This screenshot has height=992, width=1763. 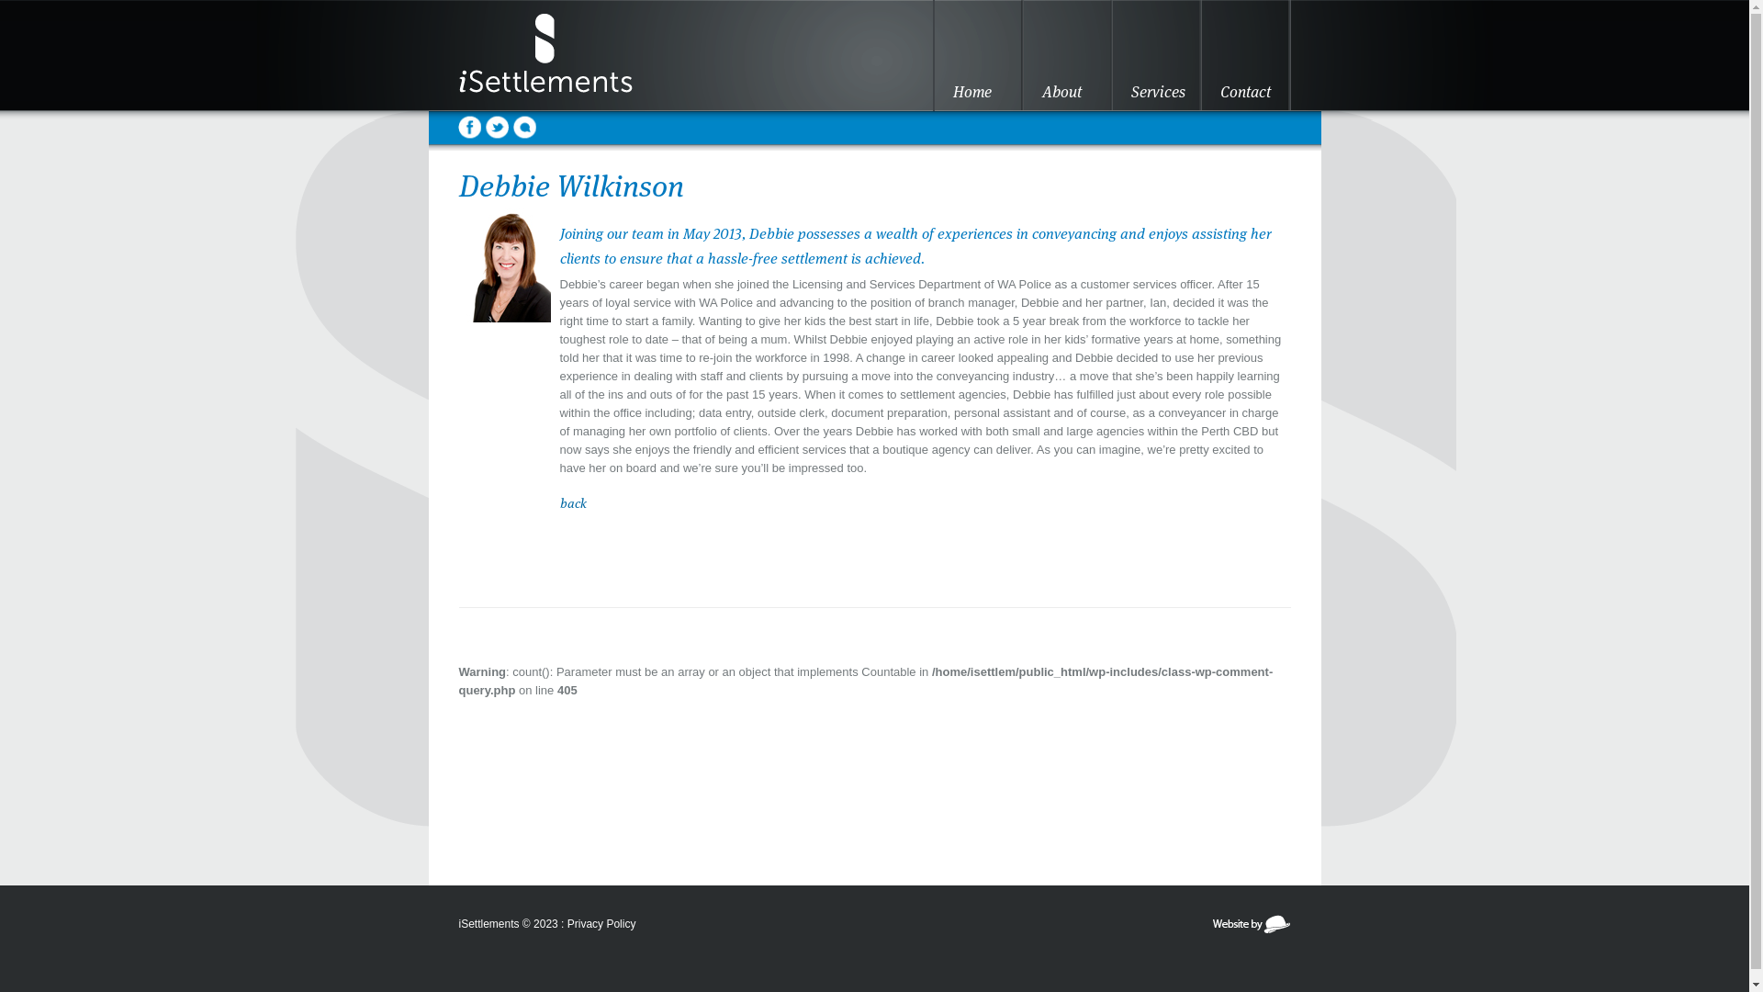 What do you see at coordinates (1210, 930) in the screenshot?
I see `'Thinking Hats'` at bounding box center [1210, 930].